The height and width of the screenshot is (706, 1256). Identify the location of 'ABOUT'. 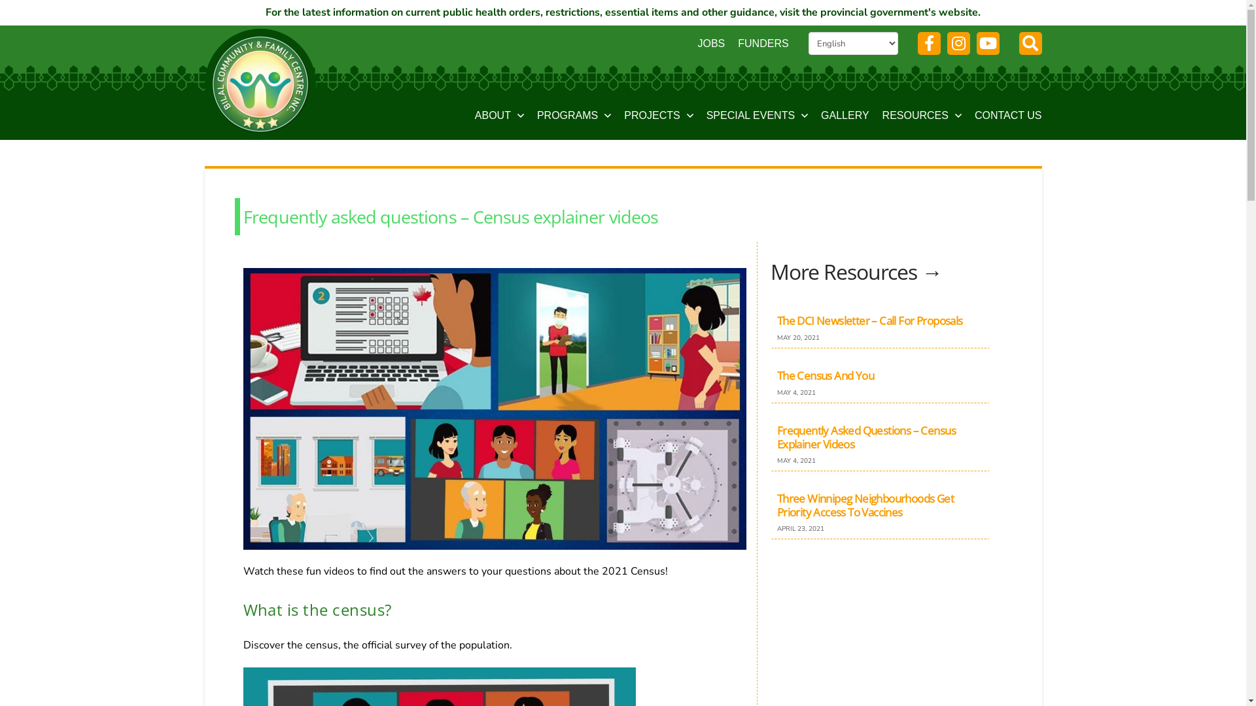
(474, 116).